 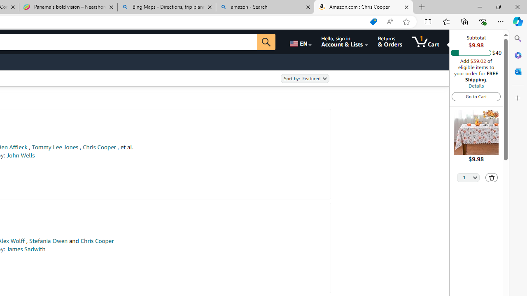 What do you see at coordinates (26, 249) in the screenshot?
I see `'James Sadwith'` at bounding box center [26, 249].